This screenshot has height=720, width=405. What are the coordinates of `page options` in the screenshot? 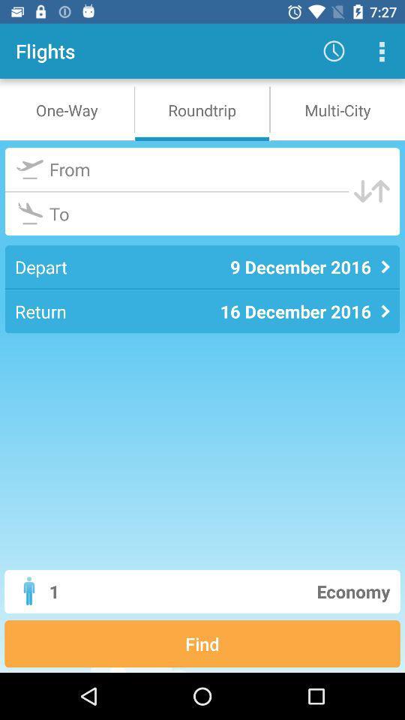 It's located at (381, 51).